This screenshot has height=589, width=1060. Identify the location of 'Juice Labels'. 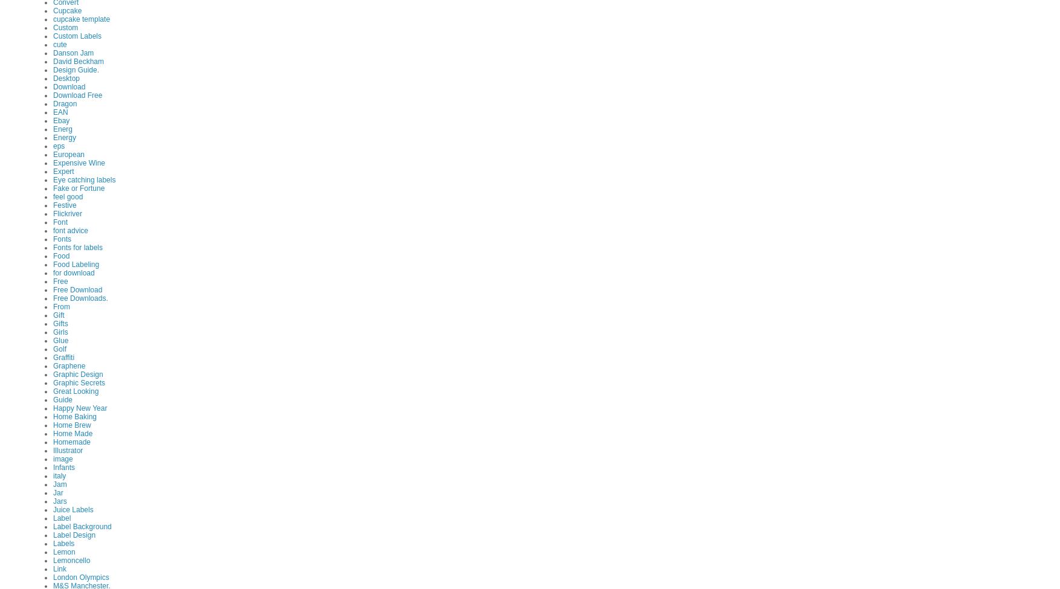
(53, 509).